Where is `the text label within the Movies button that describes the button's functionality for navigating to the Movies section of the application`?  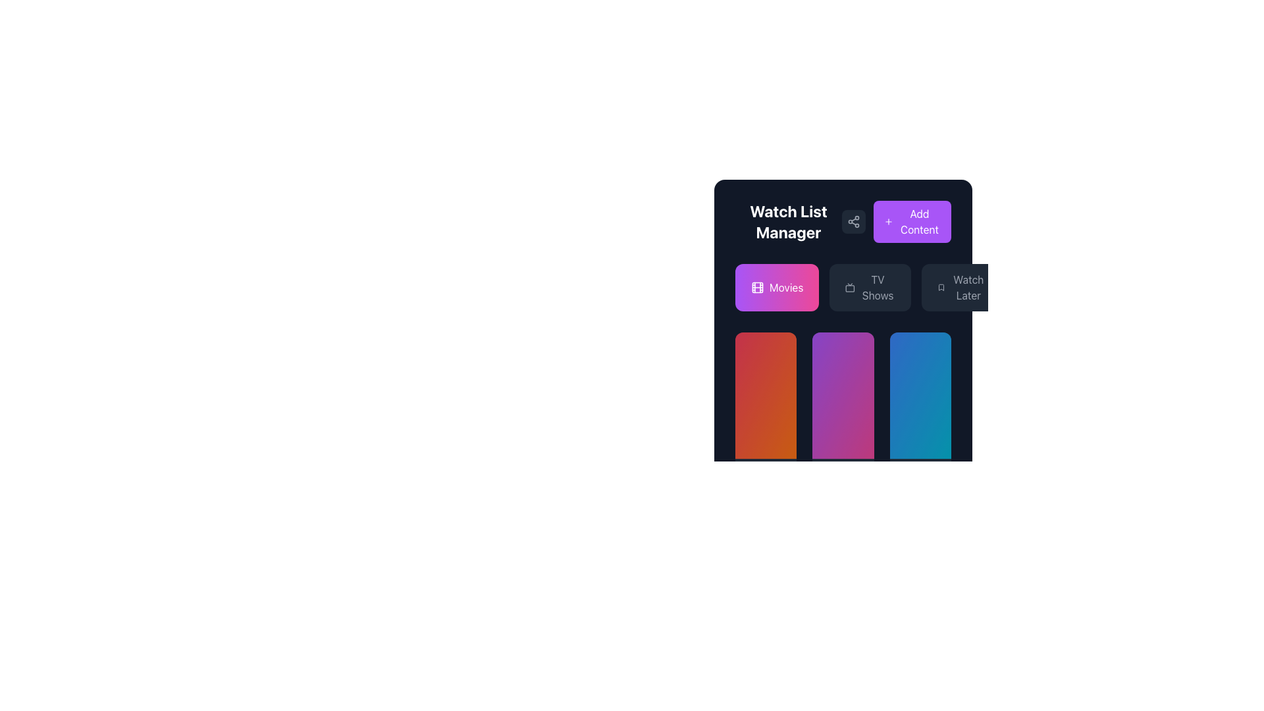
the text label within the Movies button that describes the button's functionality for navigating to the Movies section of the application is located at coordinates (786, 286).